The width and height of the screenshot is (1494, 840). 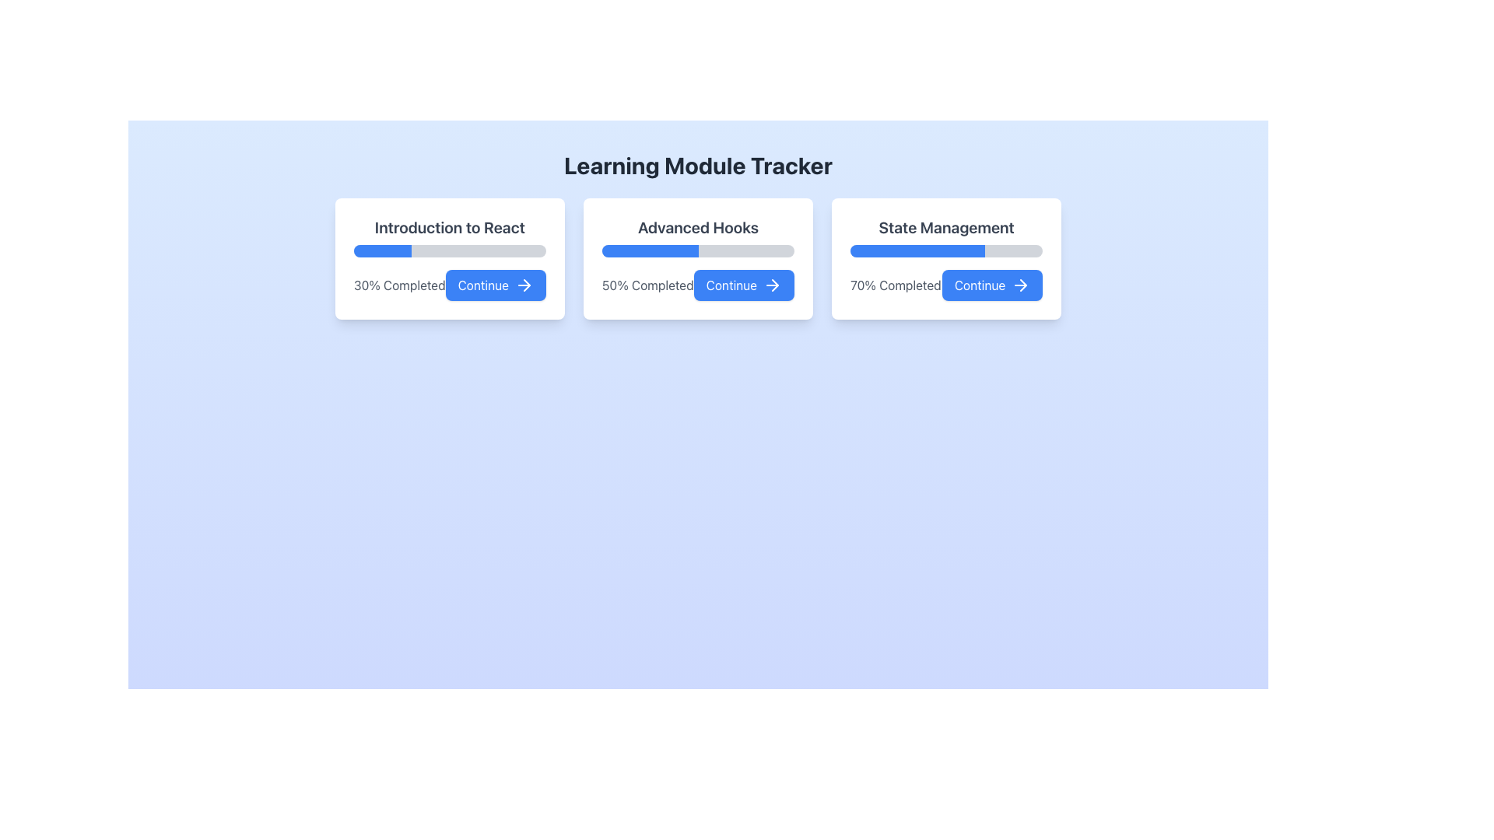 I want to click on the text label displaying '50% Completed' styled in gray color within the 'Advanced Hooks' section of the 'Learning Module Tracker' interface, so click(x=647, y=285).